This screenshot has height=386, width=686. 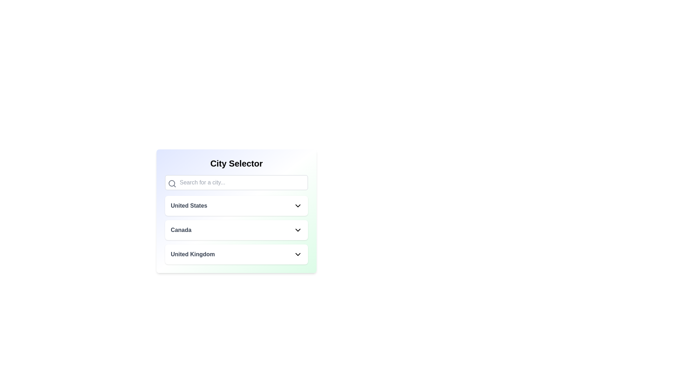 I want to click on the 'United States' option in the 'City Selector' list, so click(x=237, y=211).